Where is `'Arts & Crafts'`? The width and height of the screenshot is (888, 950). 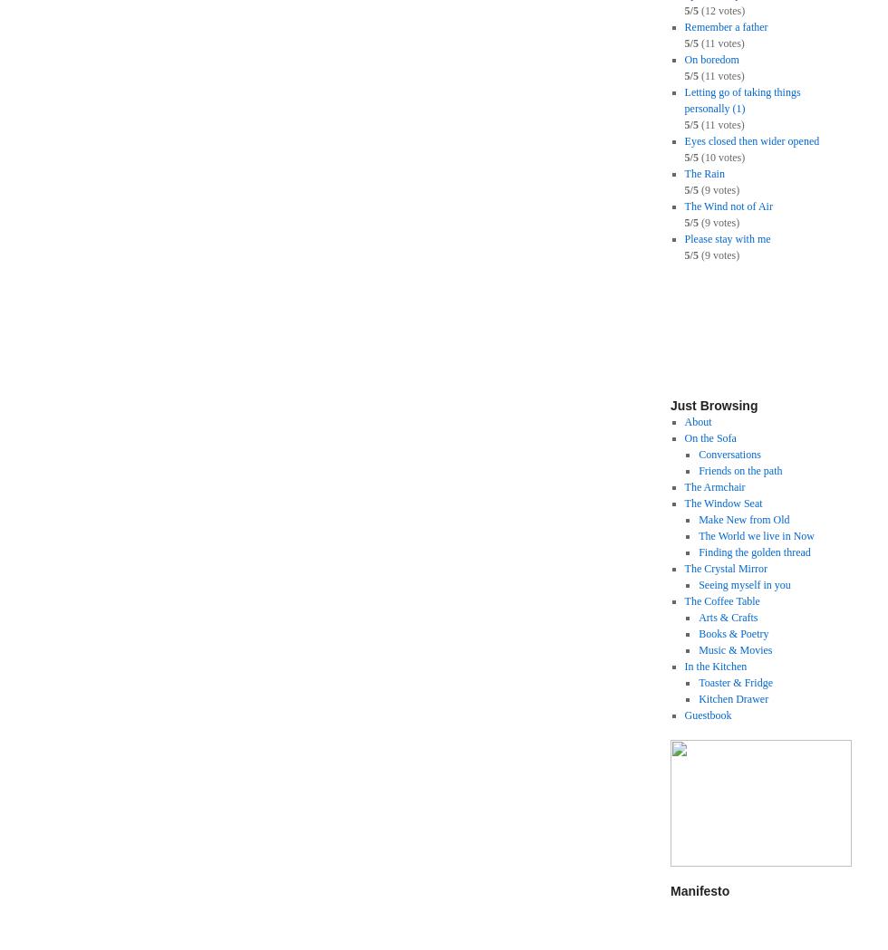
'Arts & Crafts' is located at coordinates (728, 616).